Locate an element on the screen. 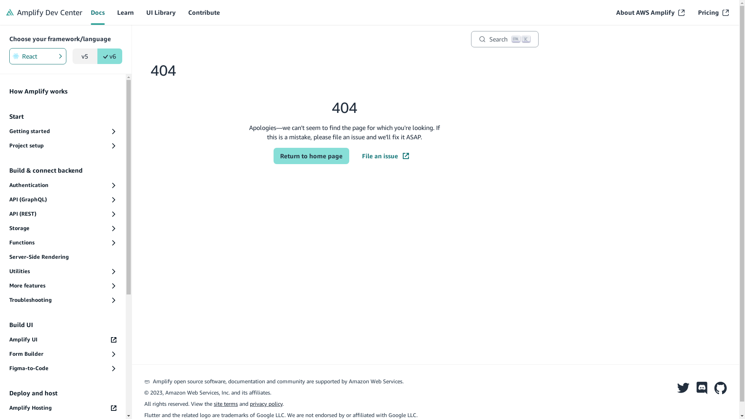  'Search is located at coordinates (471, 39).